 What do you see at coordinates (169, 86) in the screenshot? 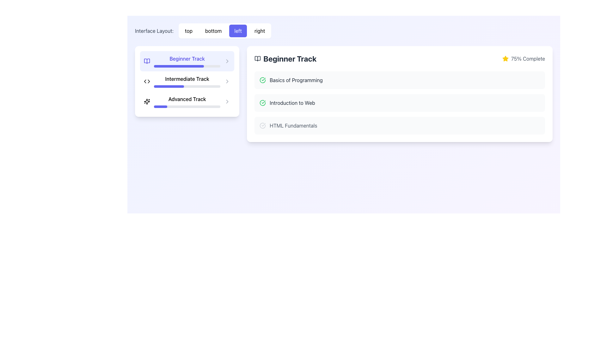
I see `the leftmost segment of the Progress Indicator representing 45% completion of the Intermediate Track, located beneath the 'Intermediate Track' label and icon` at bounding box center [169, 86].